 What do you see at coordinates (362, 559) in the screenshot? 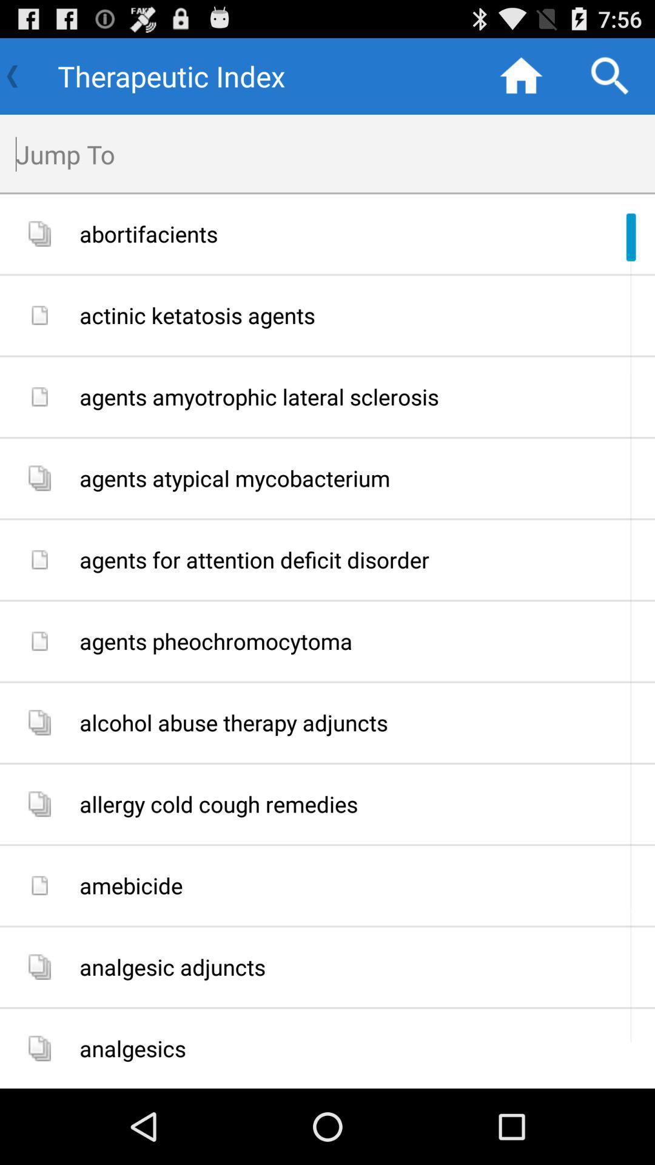
I see `item below agents atypical mycobacterium item` at bounding box center [362, 559].